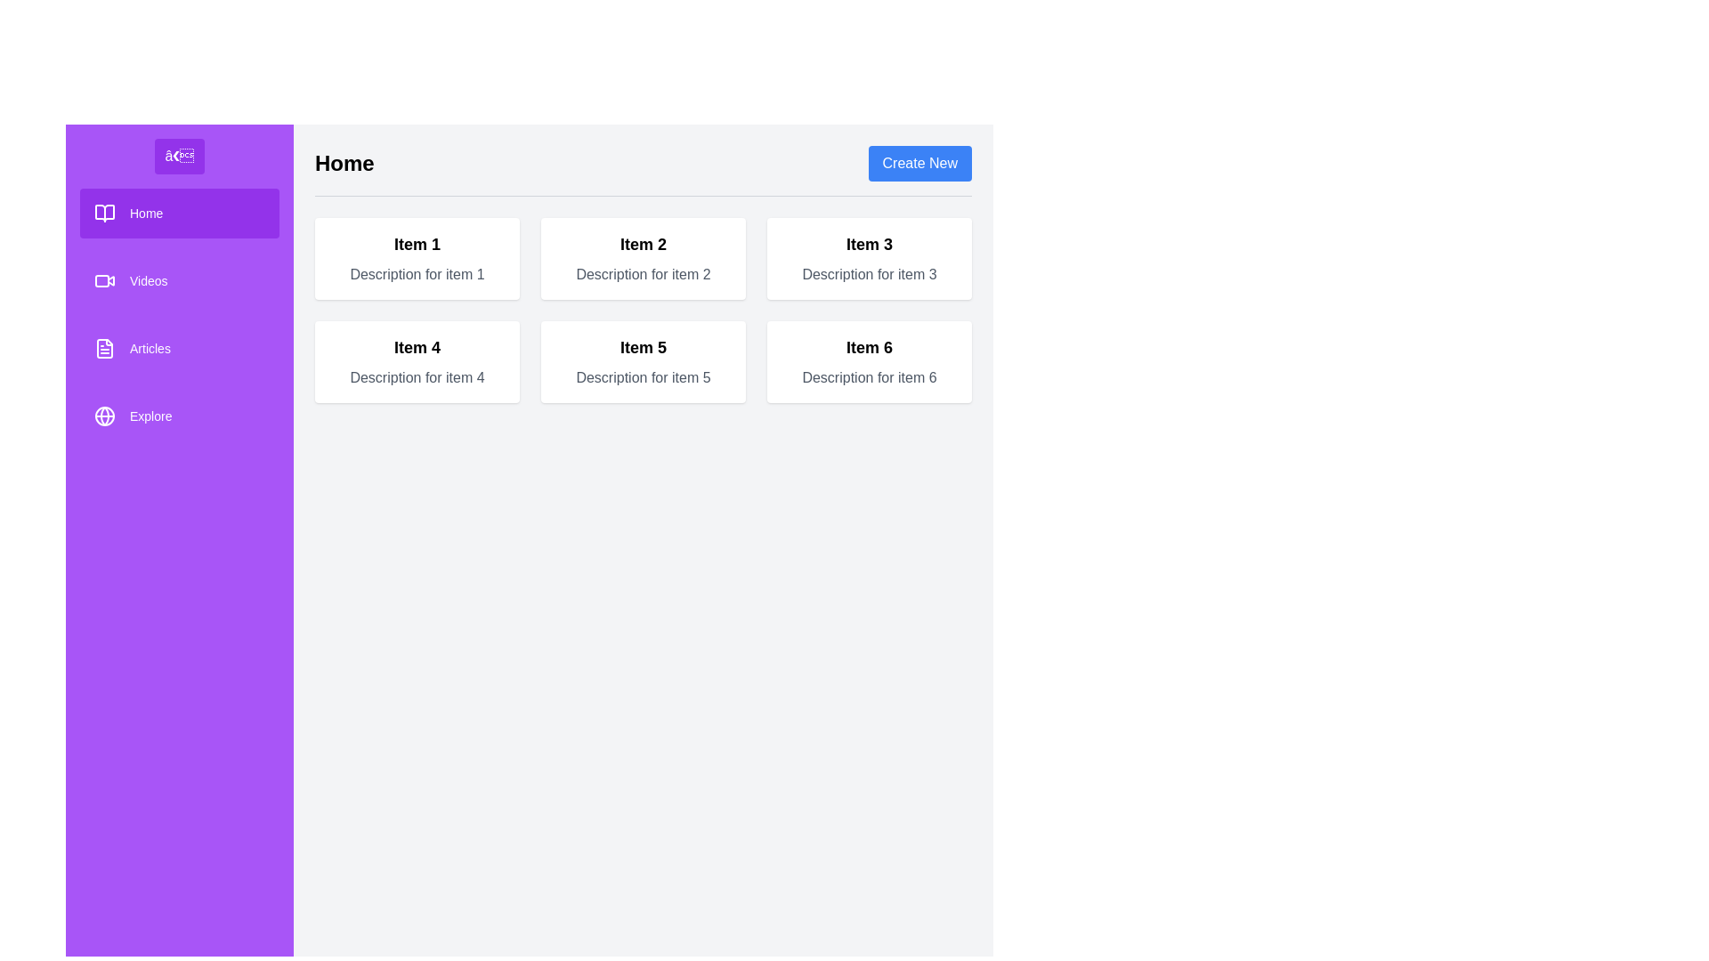 The image size is (1709, 961). I want to click on the open book icon in the side navigation bar, so click(104, 212).